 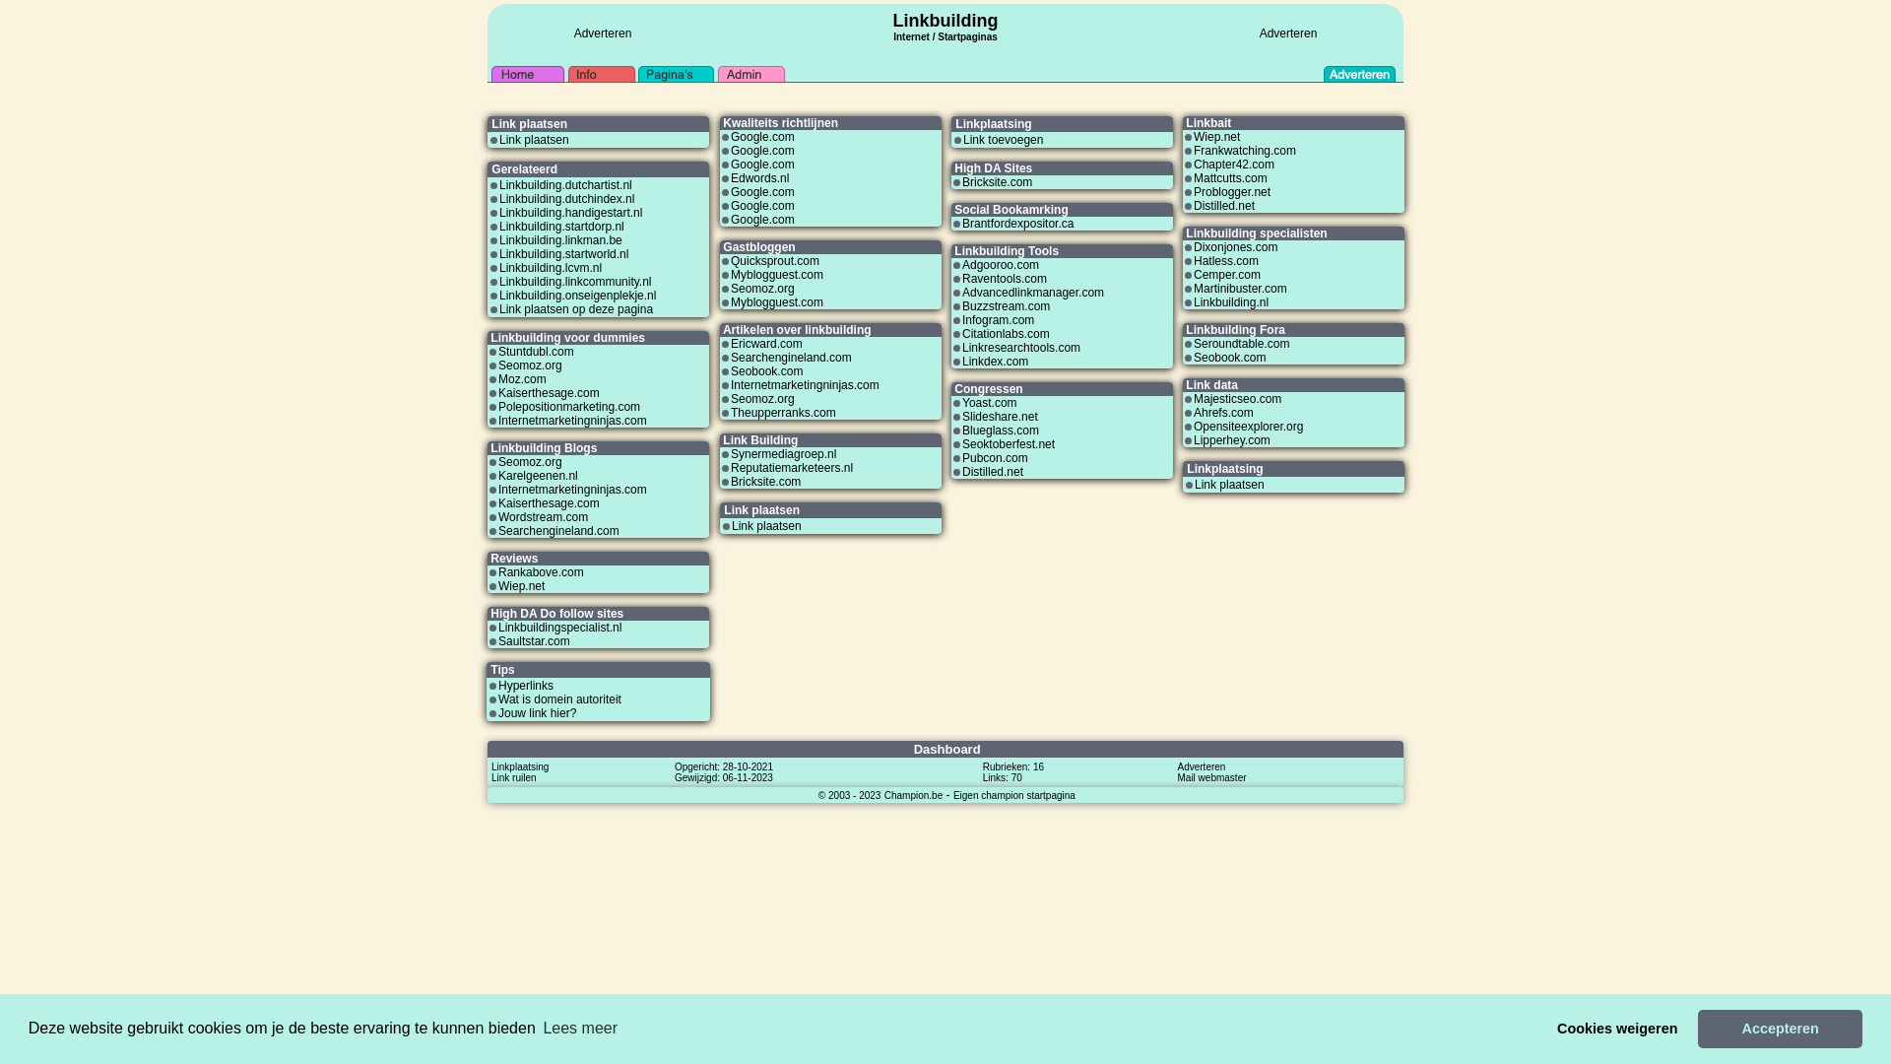 I want to click on 'Blueglass.com', so click(x=1001, y=429).